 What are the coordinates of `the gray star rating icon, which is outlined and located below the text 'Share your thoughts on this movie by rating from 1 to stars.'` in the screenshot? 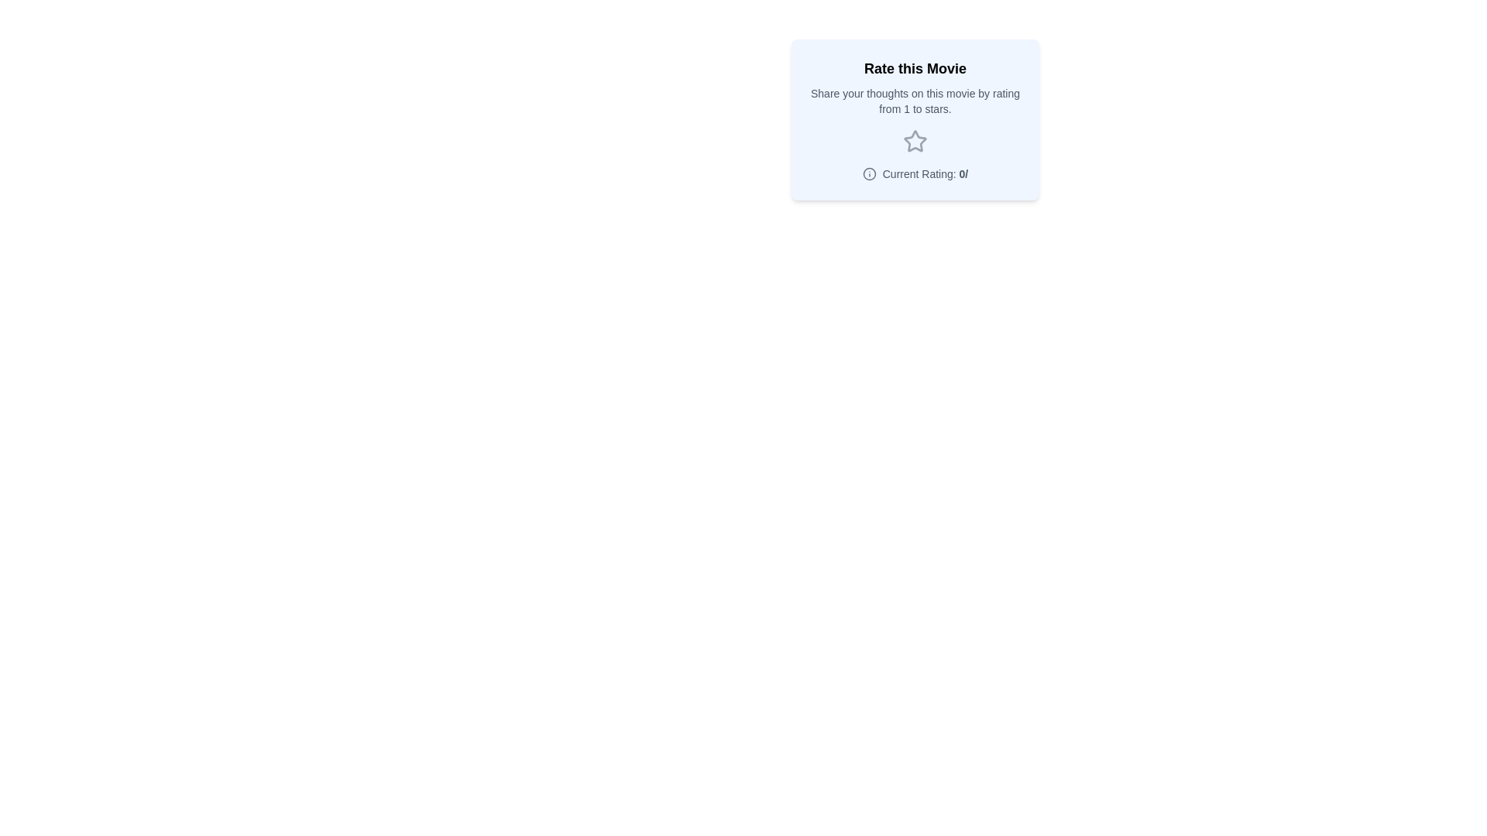 It's located at (915, 141).